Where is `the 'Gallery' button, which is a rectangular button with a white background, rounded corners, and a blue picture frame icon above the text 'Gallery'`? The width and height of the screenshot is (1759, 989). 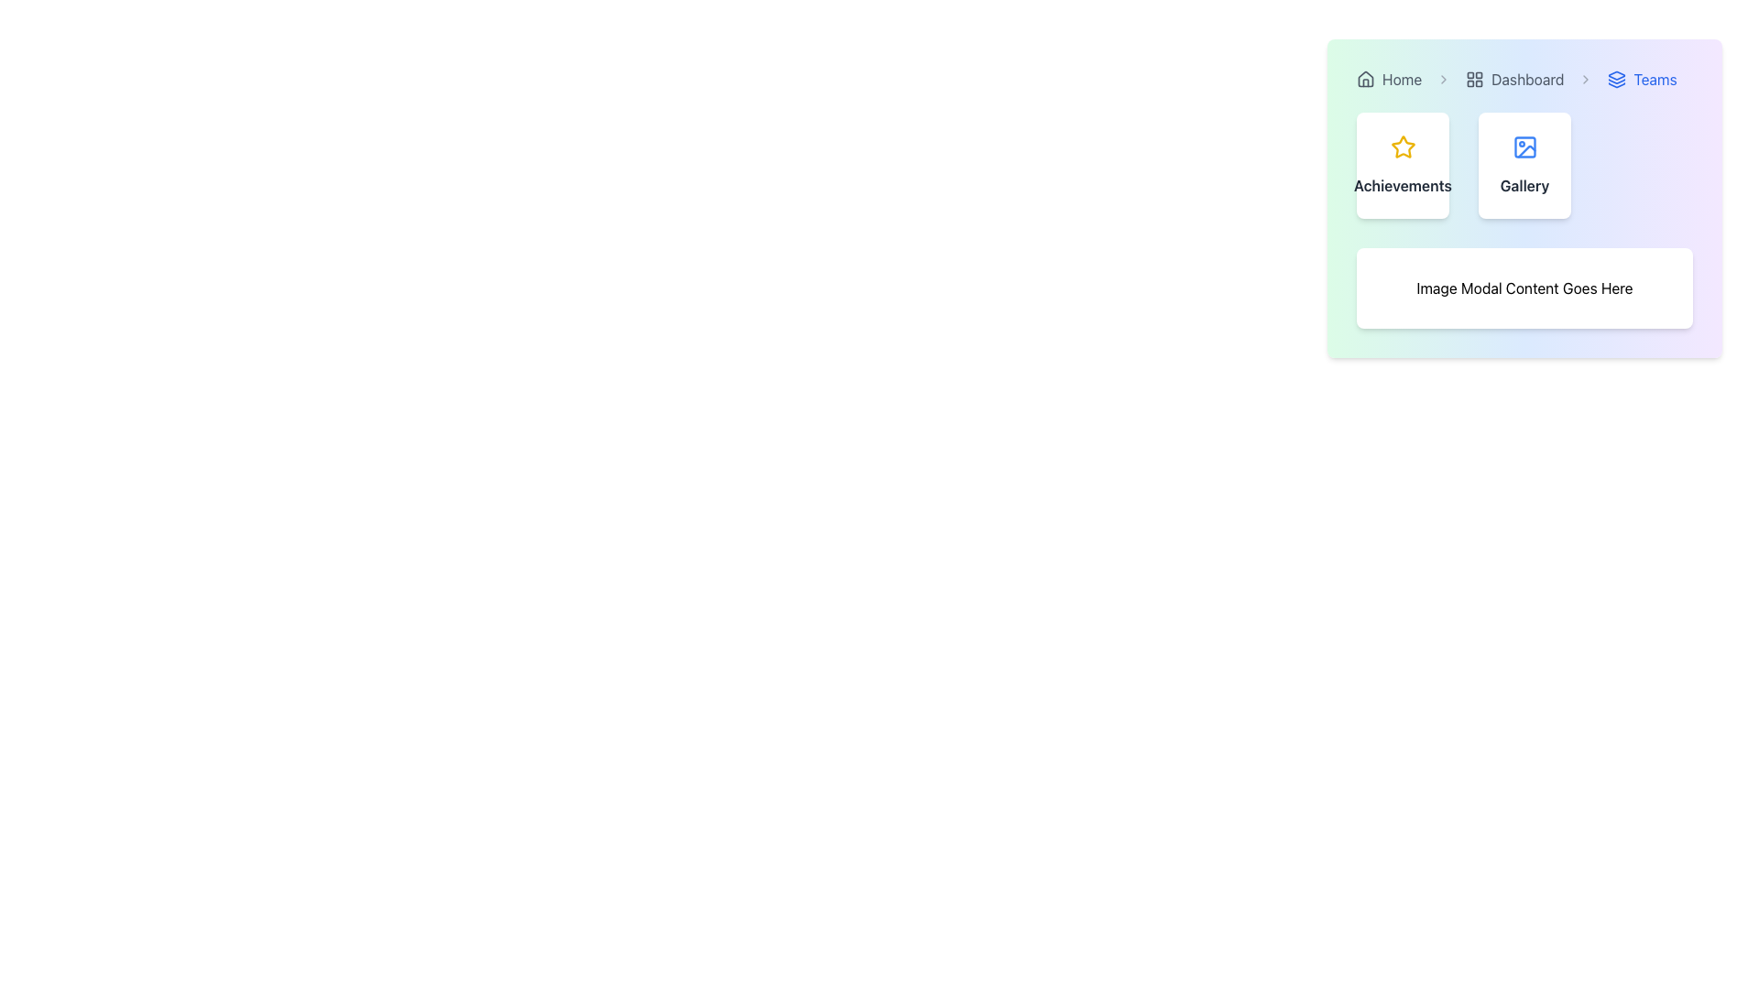 the 'Gallery' button, which is a rectangular button with a white background, rounded corners, and a blue picture frame icon above the text 'Gallery' is located at coordinates (1524, 166).